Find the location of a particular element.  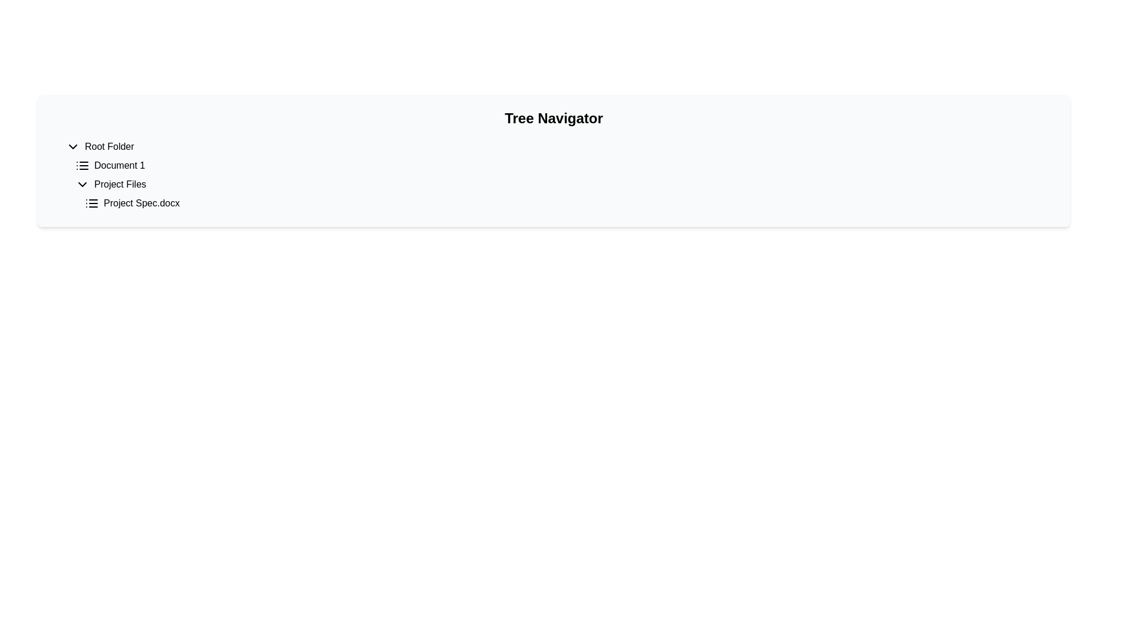

the file name displayed in the text label located beneath the 'Project Files' directory in the file explorer tree is located at coordinates (141, 202).